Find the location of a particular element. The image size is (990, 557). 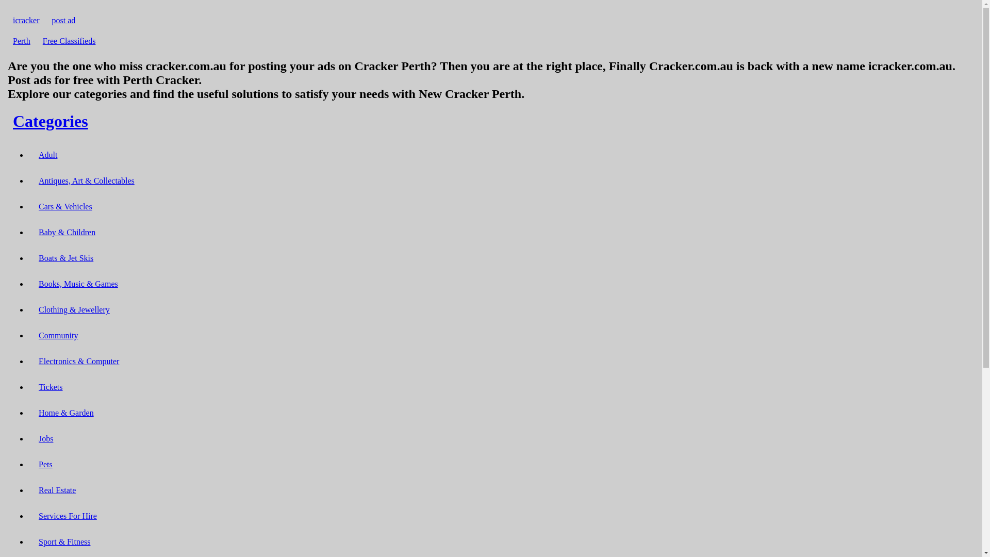

'Adult' is located at coordinates (34, 155).